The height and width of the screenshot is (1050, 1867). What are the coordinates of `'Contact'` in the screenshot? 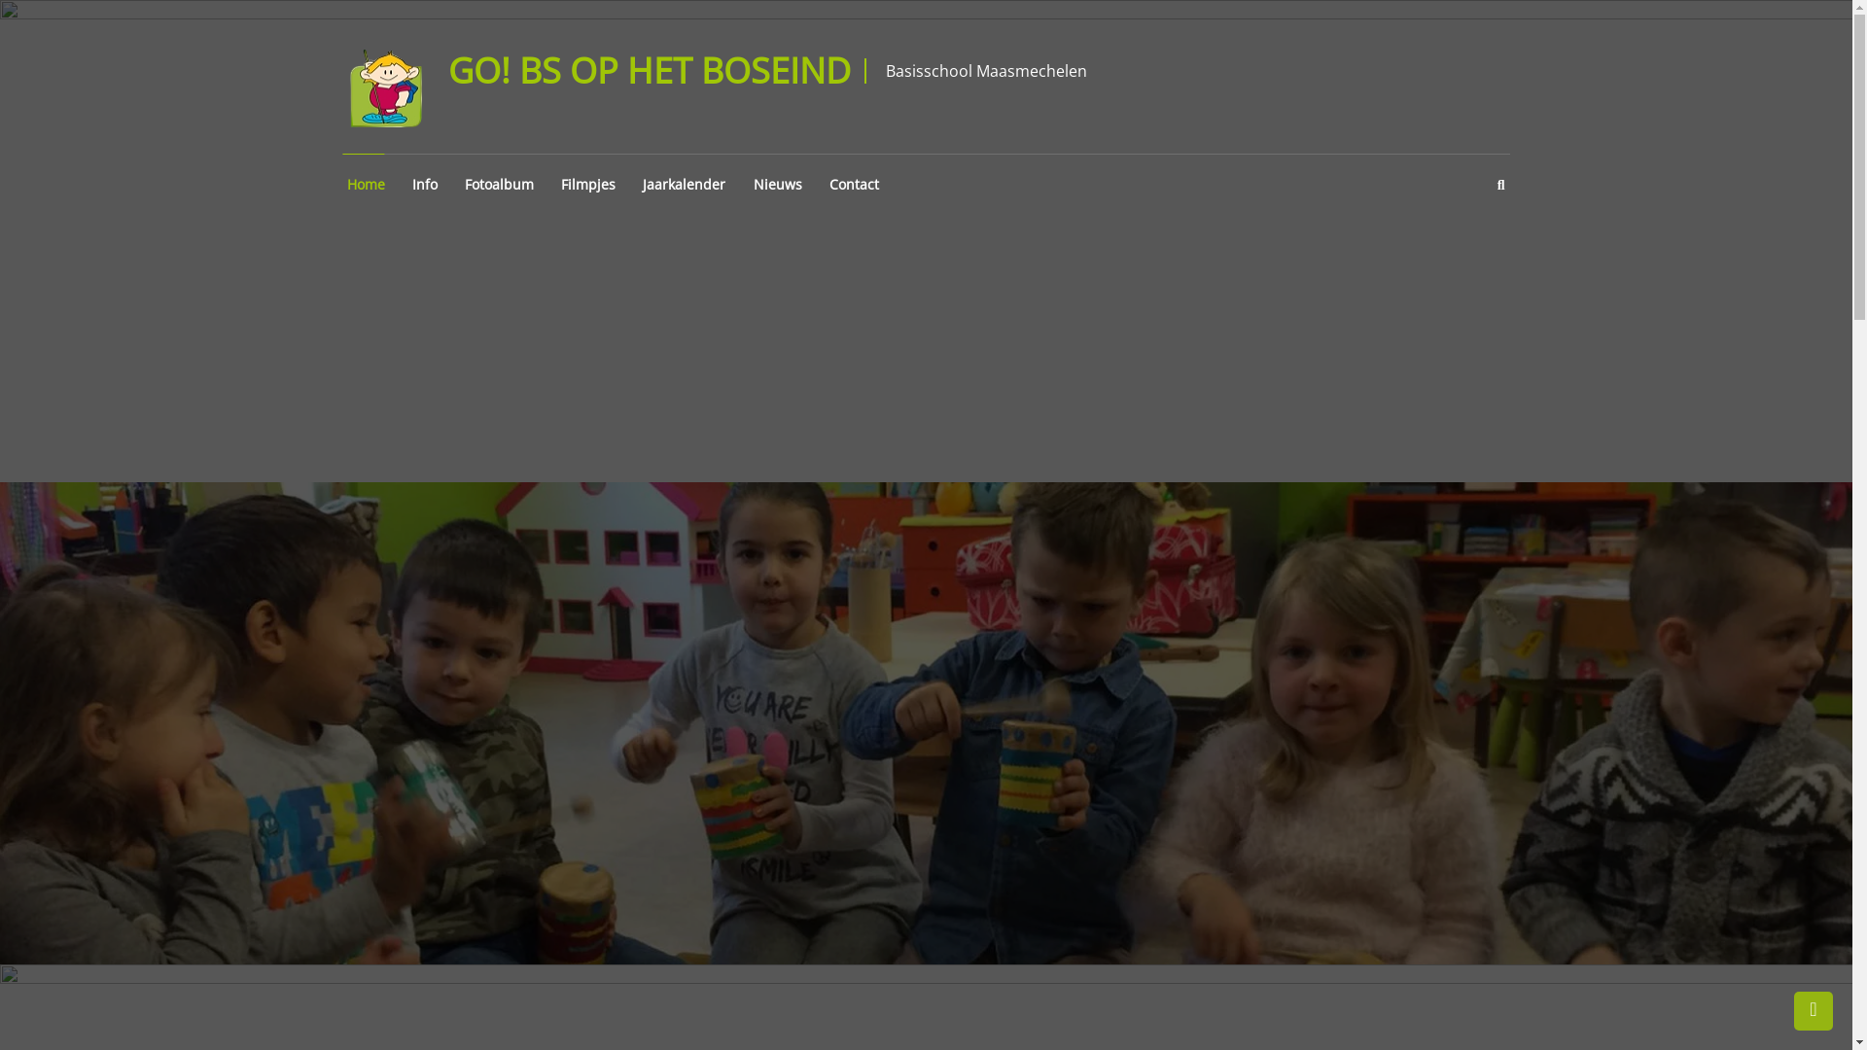 It's located at (826, 184).